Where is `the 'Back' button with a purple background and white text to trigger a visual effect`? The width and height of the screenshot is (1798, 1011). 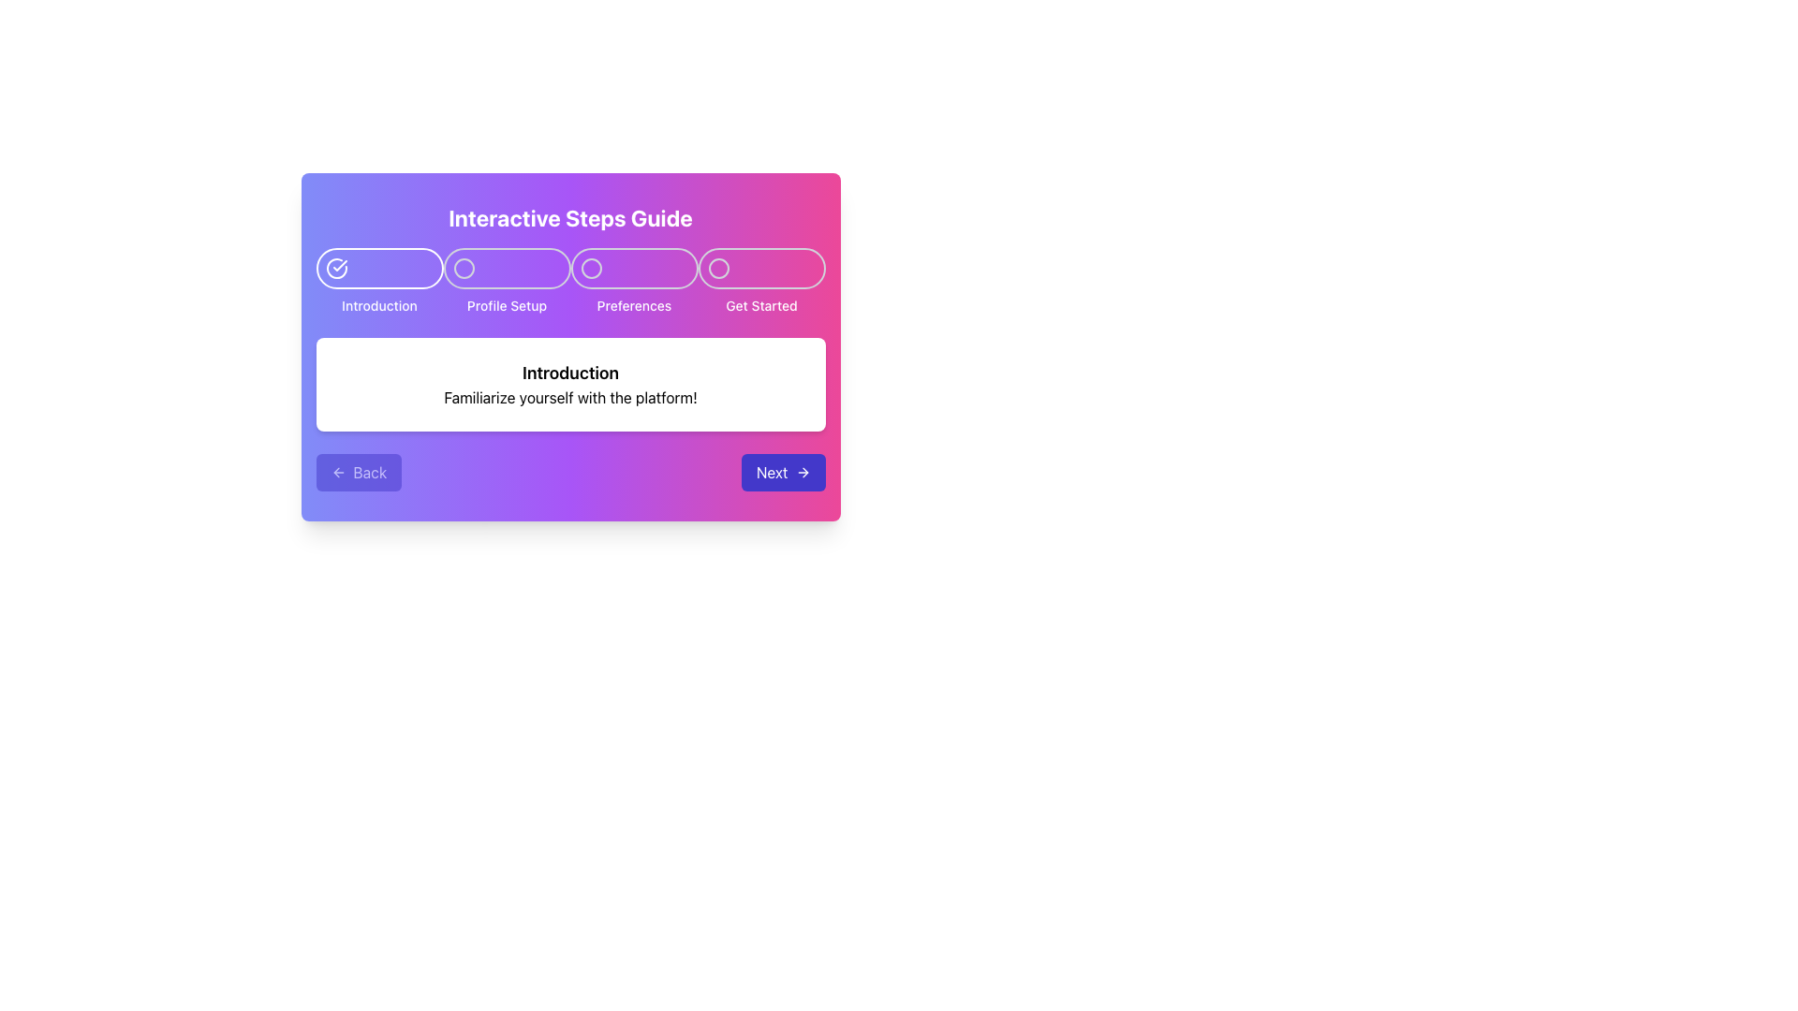
the 'Back' button with a purple background and white text to trigger a visual effect is located at coordinates (359, 472).